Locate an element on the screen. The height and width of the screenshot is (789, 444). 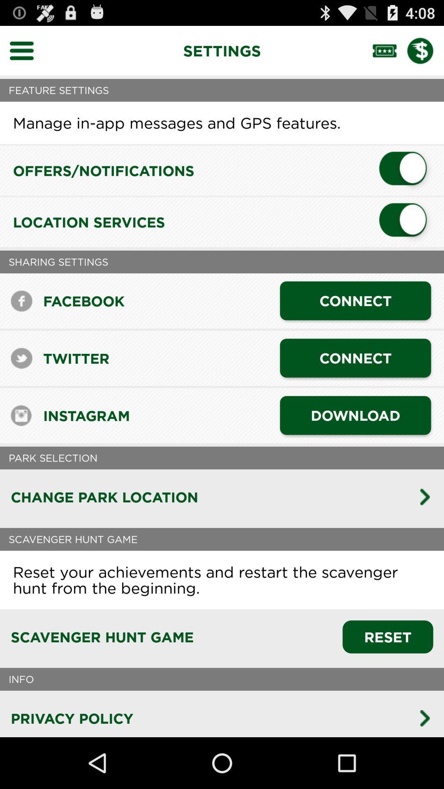
the app to the right of instagram app is located at coordinates (355, 415).